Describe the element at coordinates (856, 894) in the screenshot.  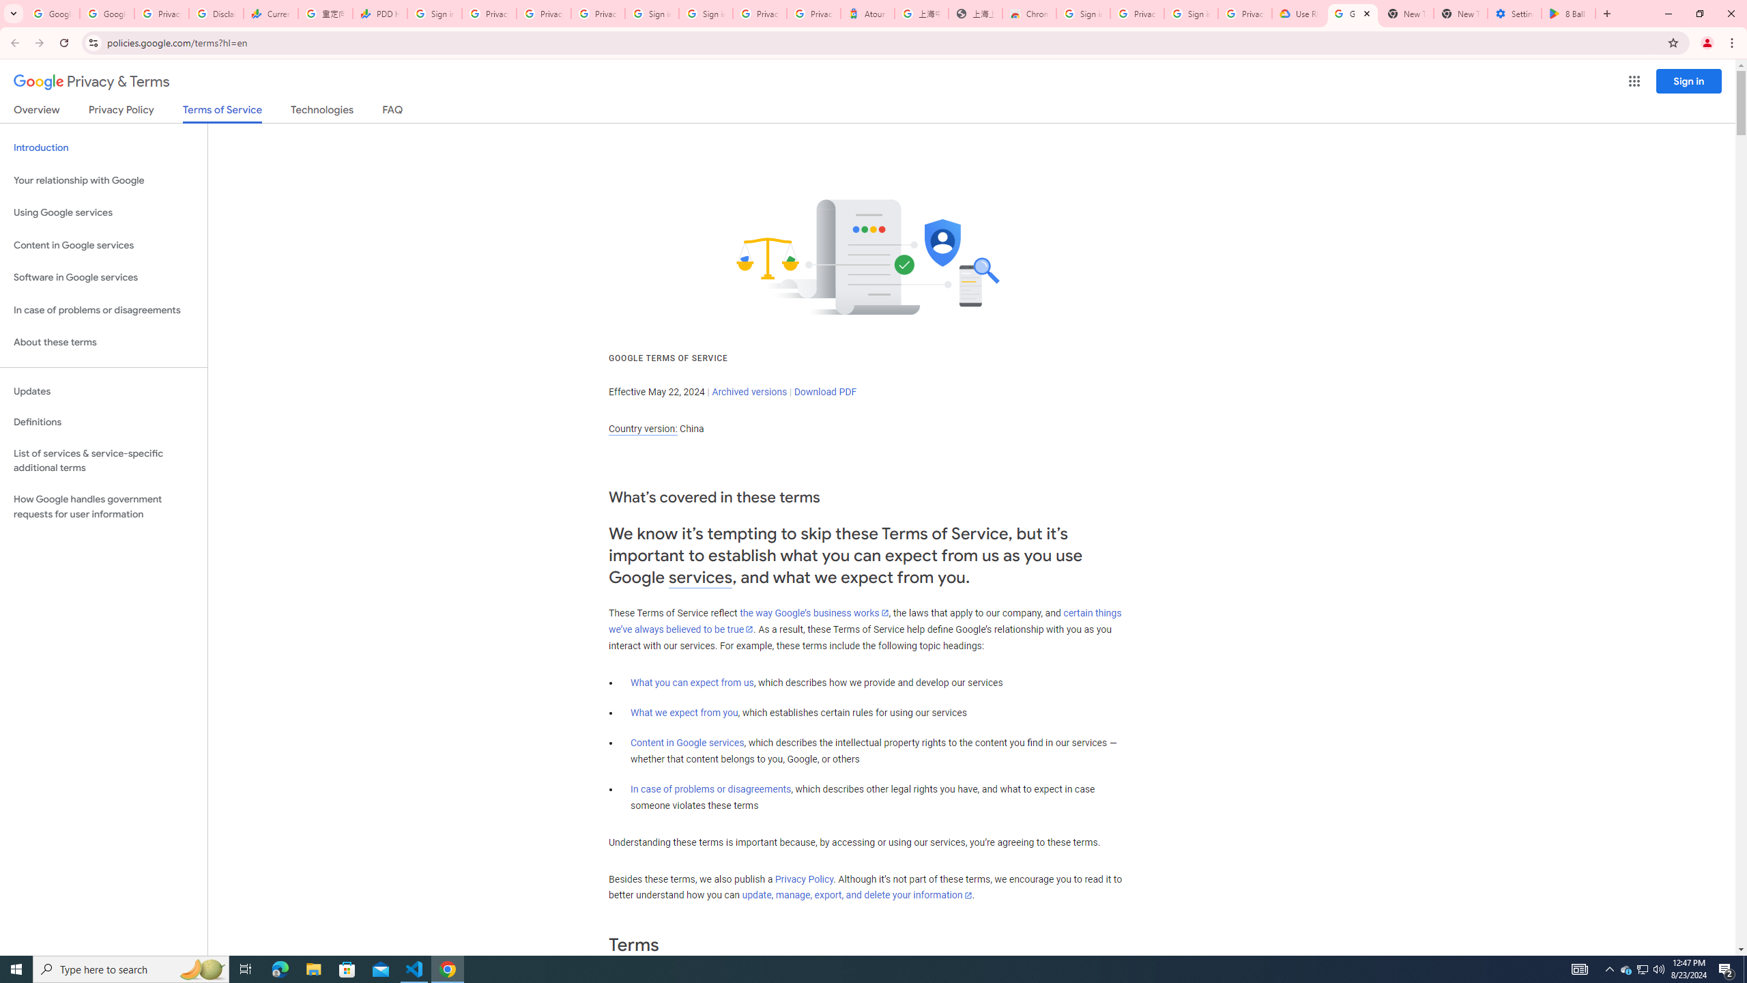
I see `'update, manage, export, and delete your information'` at that location.